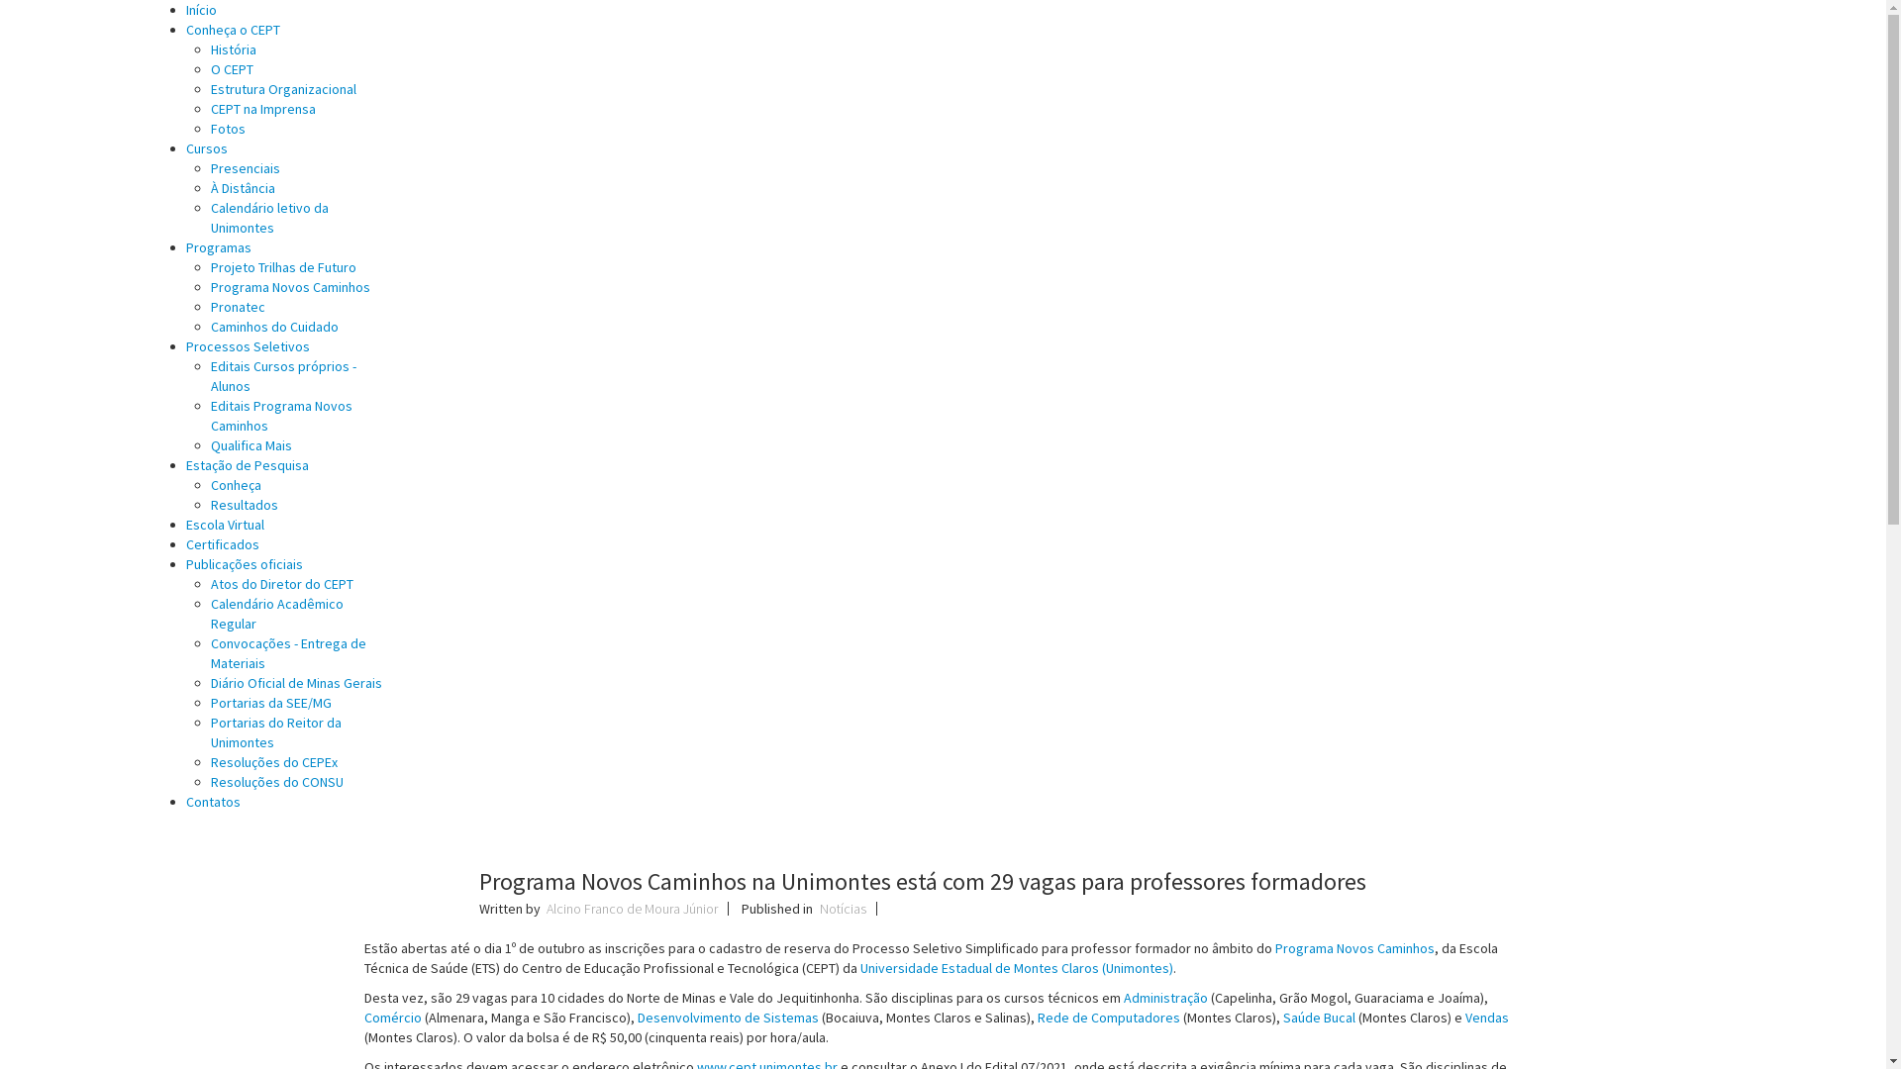  Describe the element at coordinates (185, 544) in the screenshot. I see `'Certificados'` at that location.